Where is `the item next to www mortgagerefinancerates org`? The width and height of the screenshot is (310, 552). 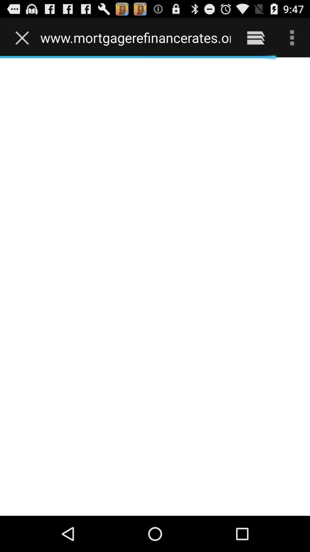 the item next to www mortgagerefinancerates org is located at coordinates (255, 37).